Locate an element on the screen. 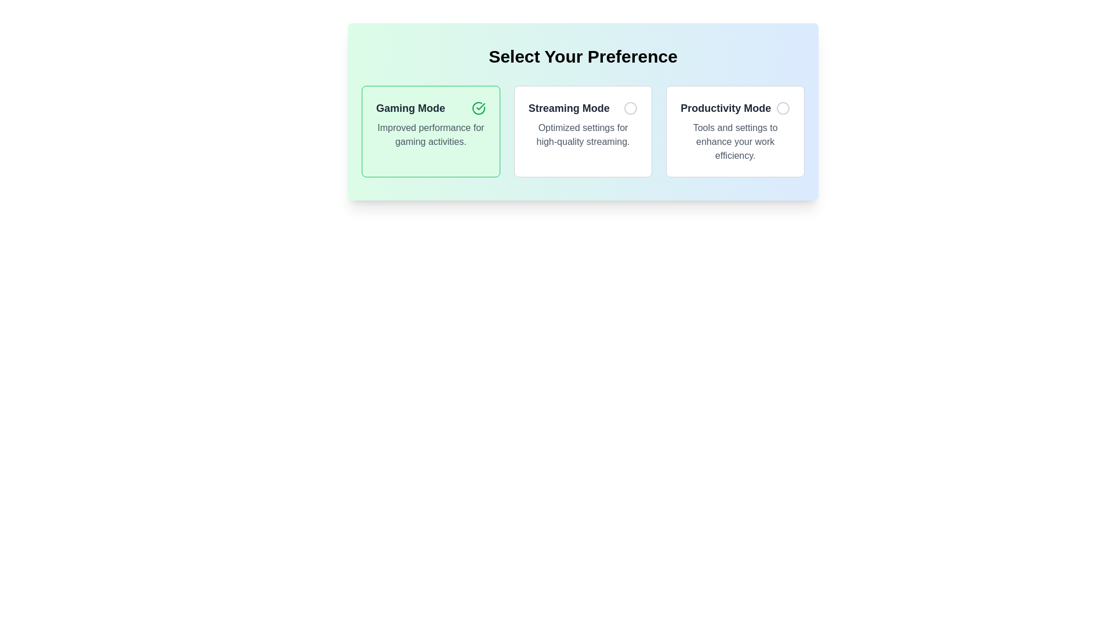 The image size is (1113, 626). the light gray hollow circular radio button indicator for the 'Streaming Mode' option is located at coordinates (630, 108).